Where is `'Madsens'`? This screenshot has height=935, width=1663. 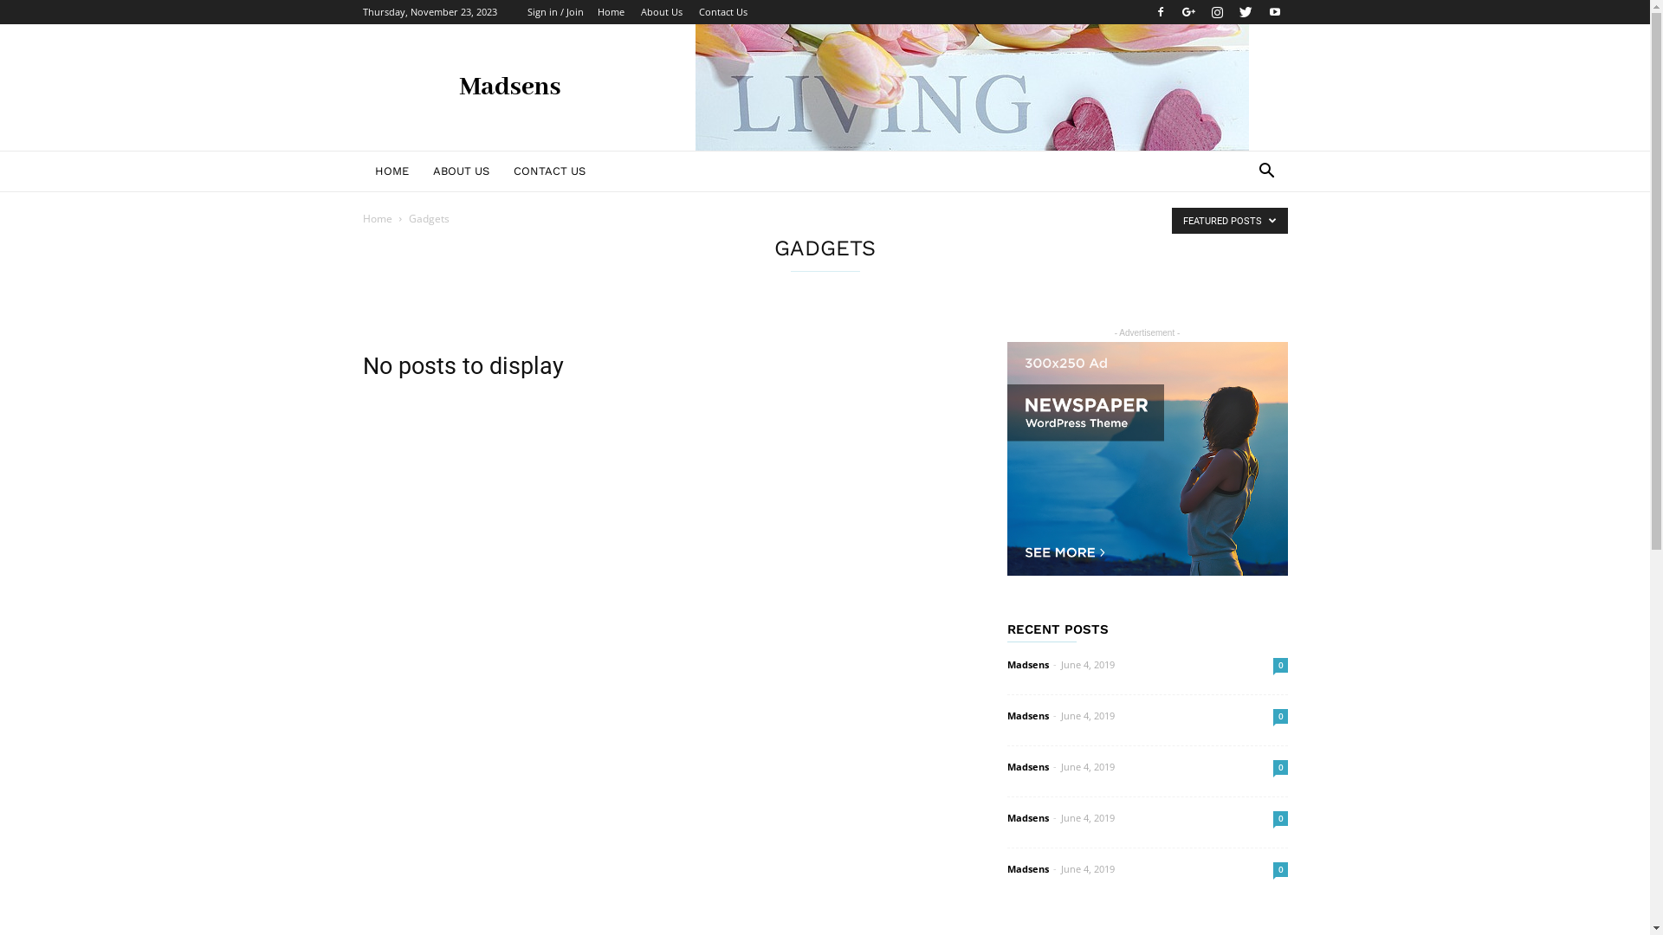 'Madsens' is located at coordinates (1026, 715).